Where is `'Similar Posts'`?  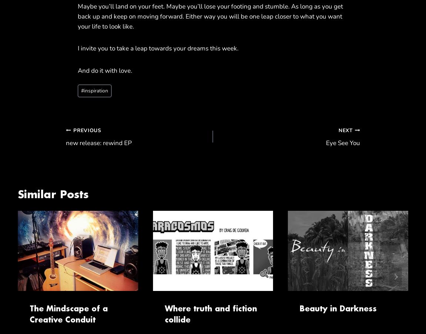
'Similar Posts' is located at coordinates (17, 193).